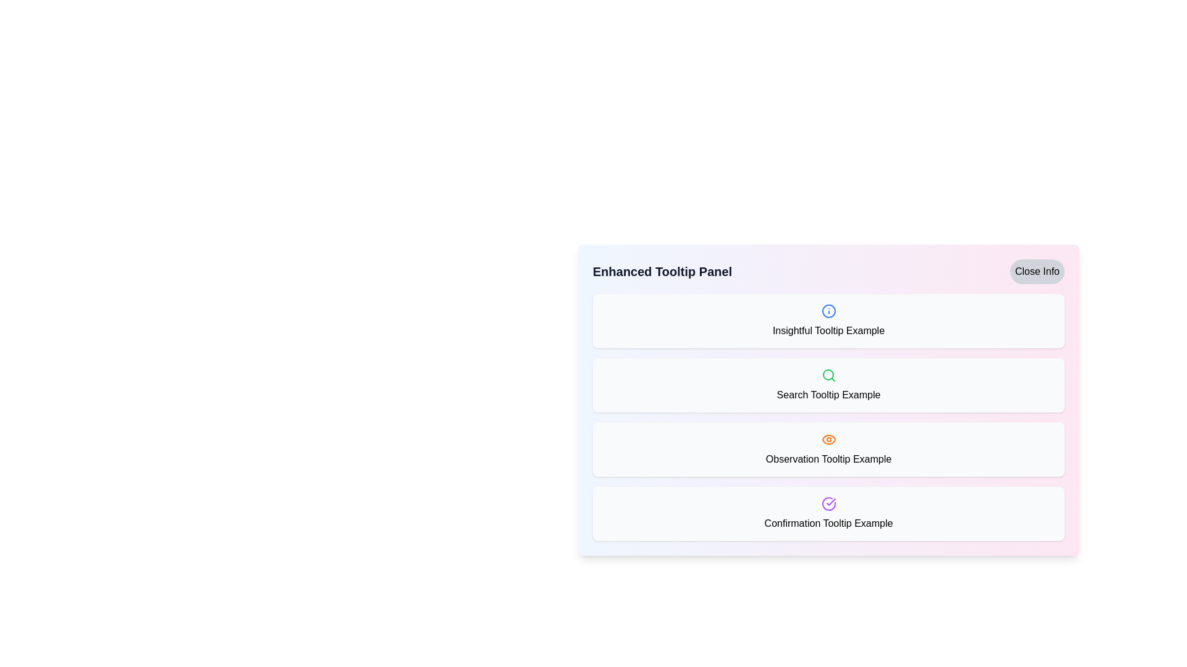  What do you see at coordinates (1037, 271) in the screenshot?
I see `the close button located on the far right of the Enhanced Tooltip Panel` at bounding box center [1037, 271].